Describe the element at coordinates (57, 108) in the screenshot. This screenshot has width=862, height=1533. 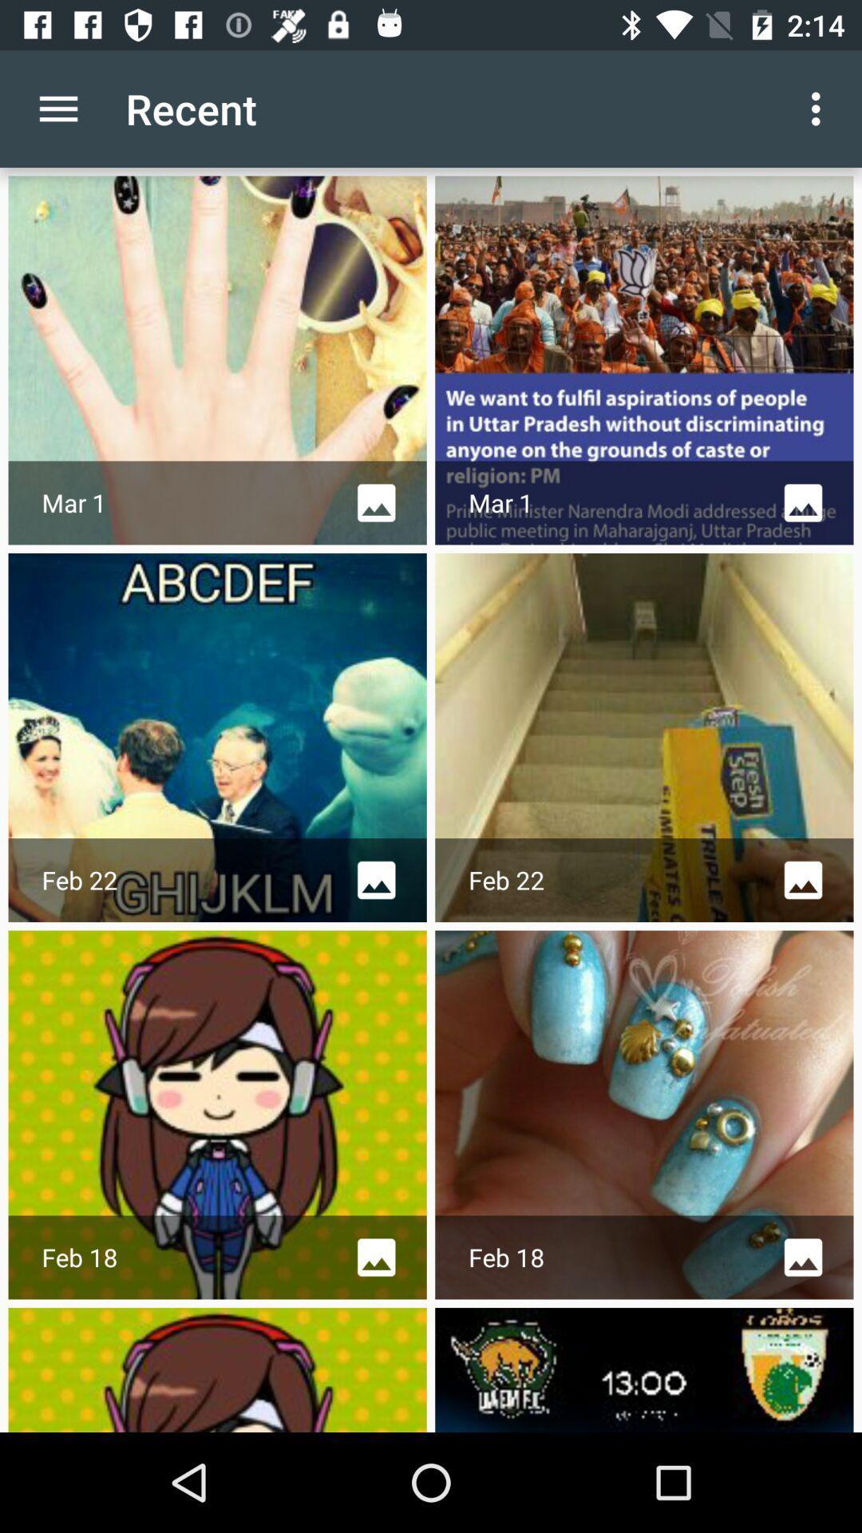
I see `the item to the left of recent` at that location.